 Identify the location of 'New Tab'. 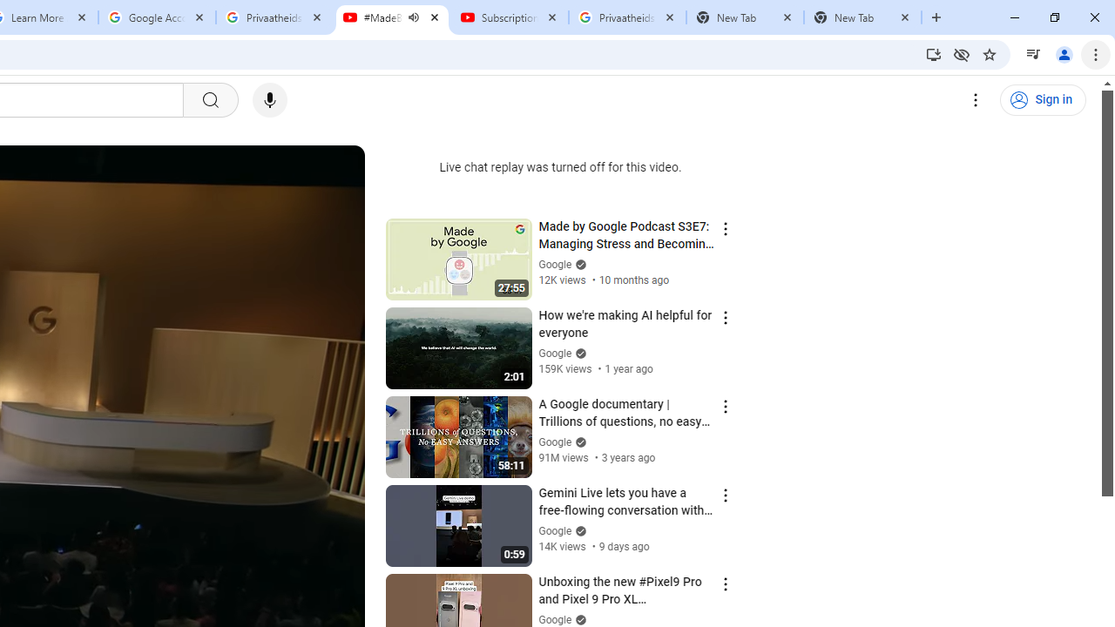
(862, 17).